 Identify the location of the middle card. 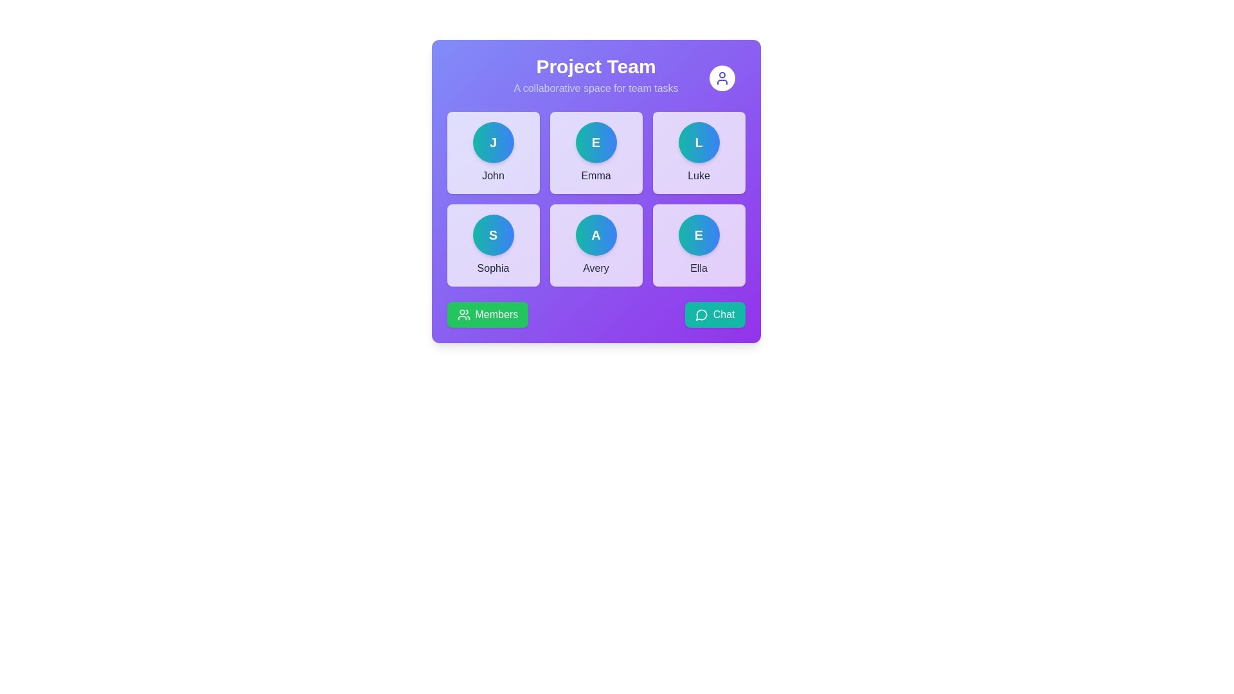
(595, 152).